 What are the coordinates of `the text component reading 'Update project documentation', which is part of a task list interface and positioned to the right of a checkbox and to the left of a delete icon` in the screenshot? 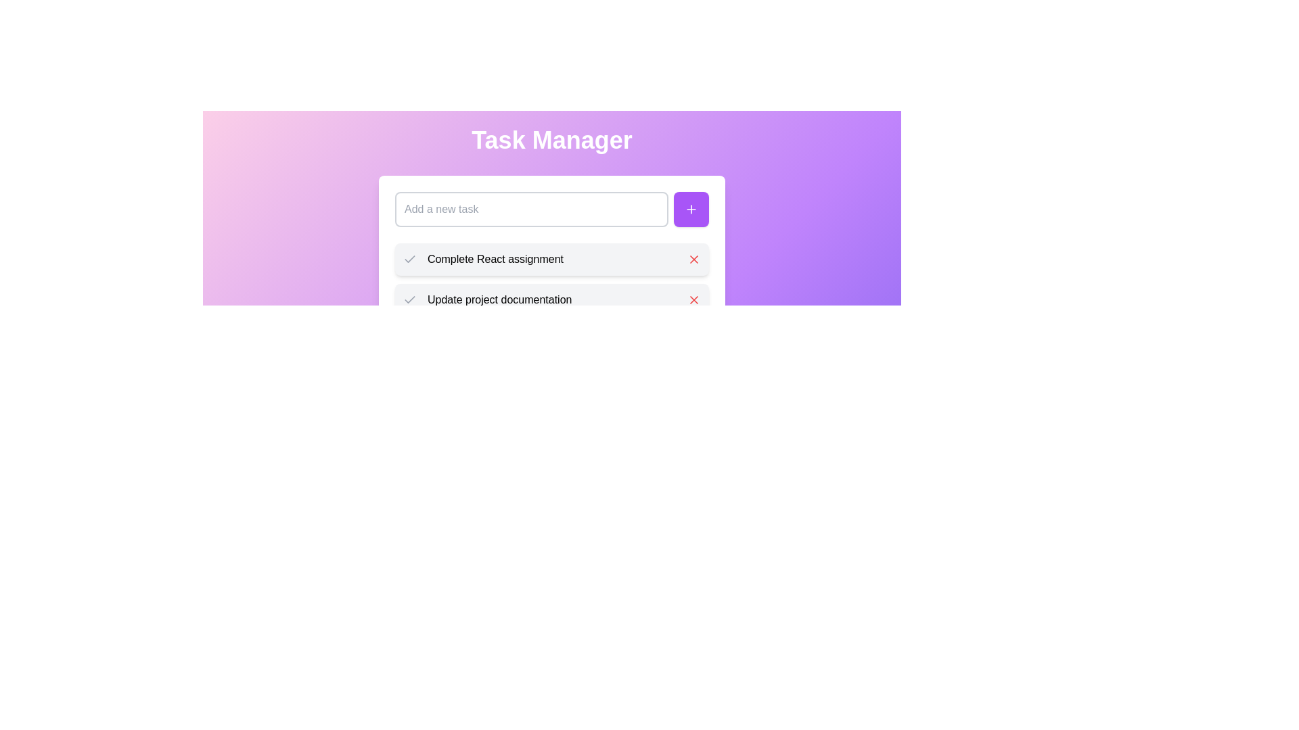 It's located at (557, 299).